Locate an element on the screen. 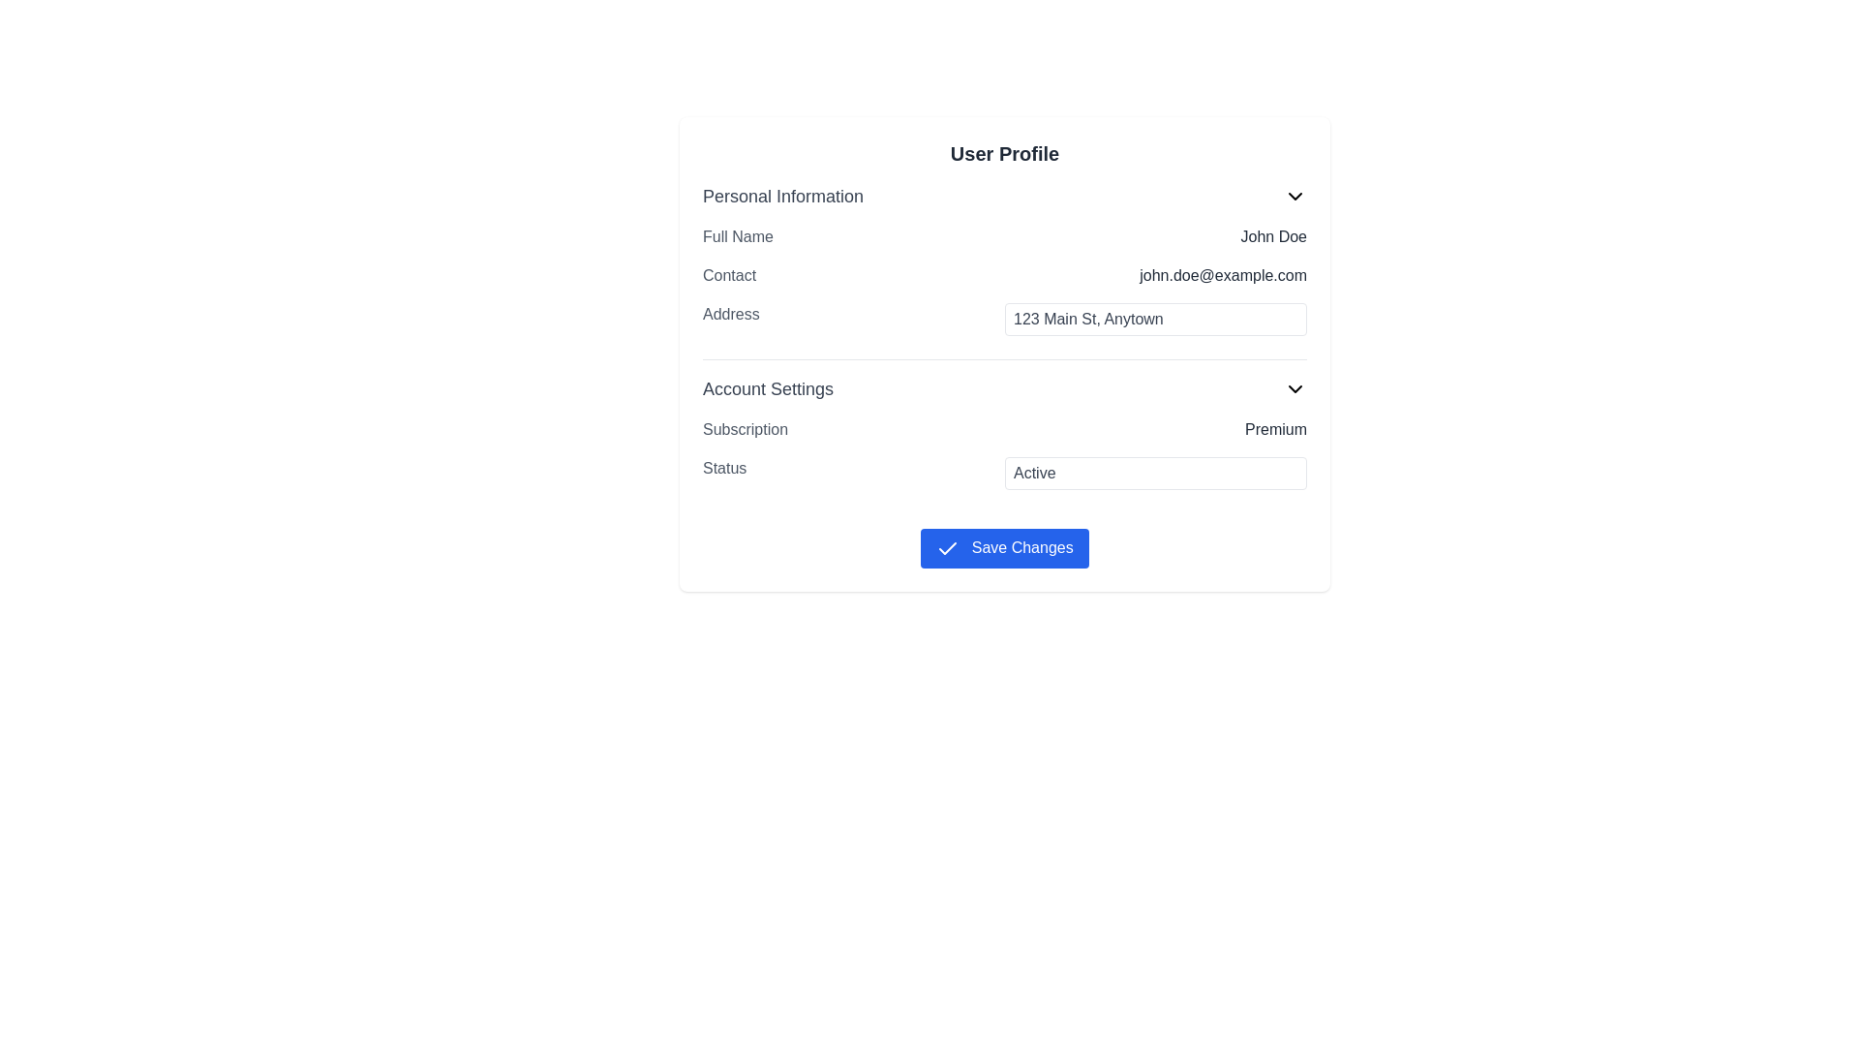 The width and height of the screenshot is (1859, 1046). the checkmark icon located on the left side of the blue 'Save Changes' button, which visually conveys confirmation for the action is located at coordinates (948, 548).